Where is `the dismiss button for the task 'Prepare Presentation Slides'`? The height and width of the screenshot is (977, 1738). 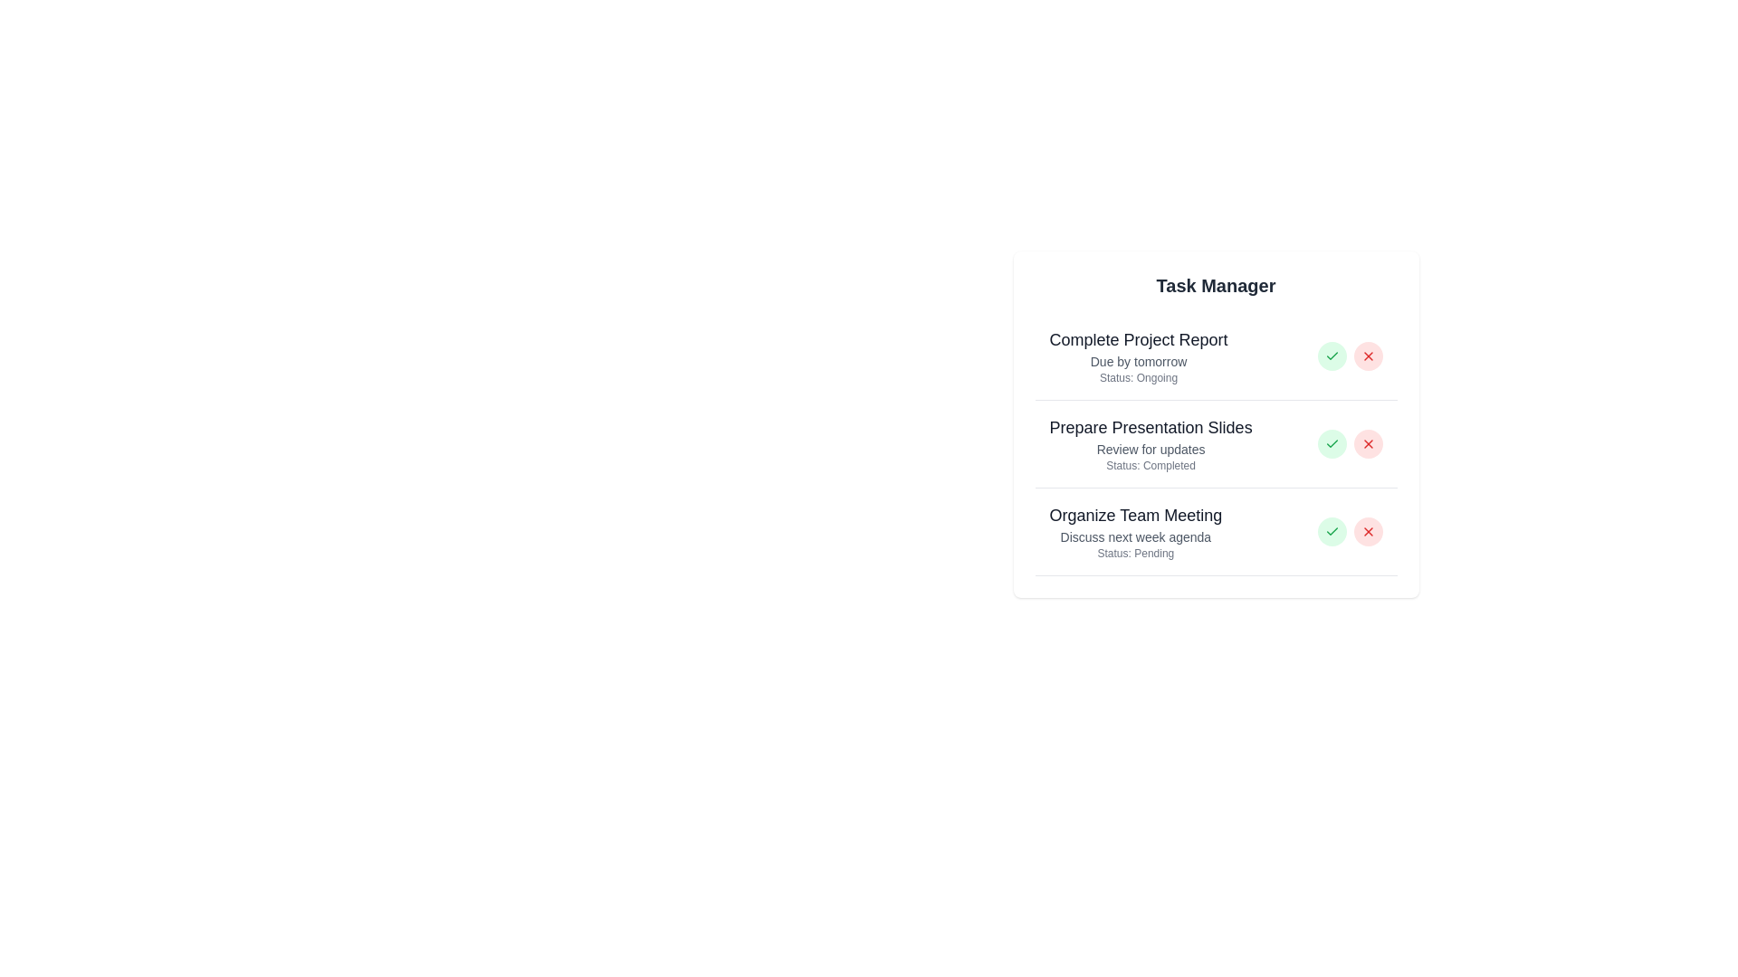 the dismiss button for the task 'Prepare Presentation Slides' is located at coordinates (1368, 443).